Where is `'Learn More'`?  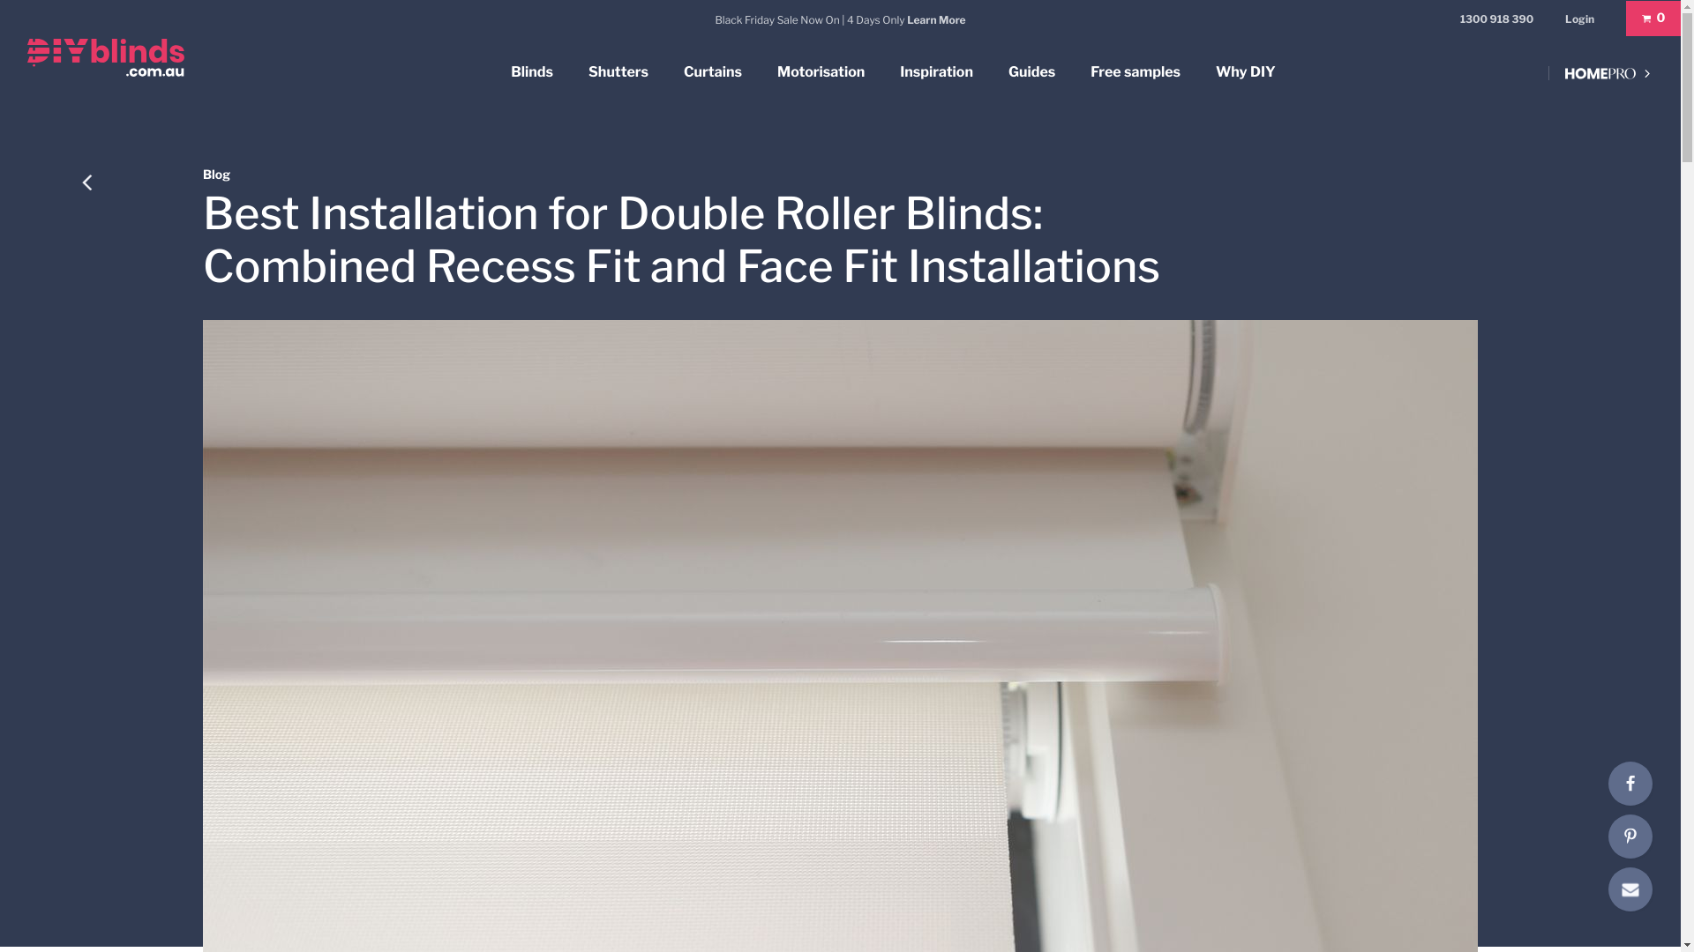
'Learn More' is located at coordinates (934, 19).